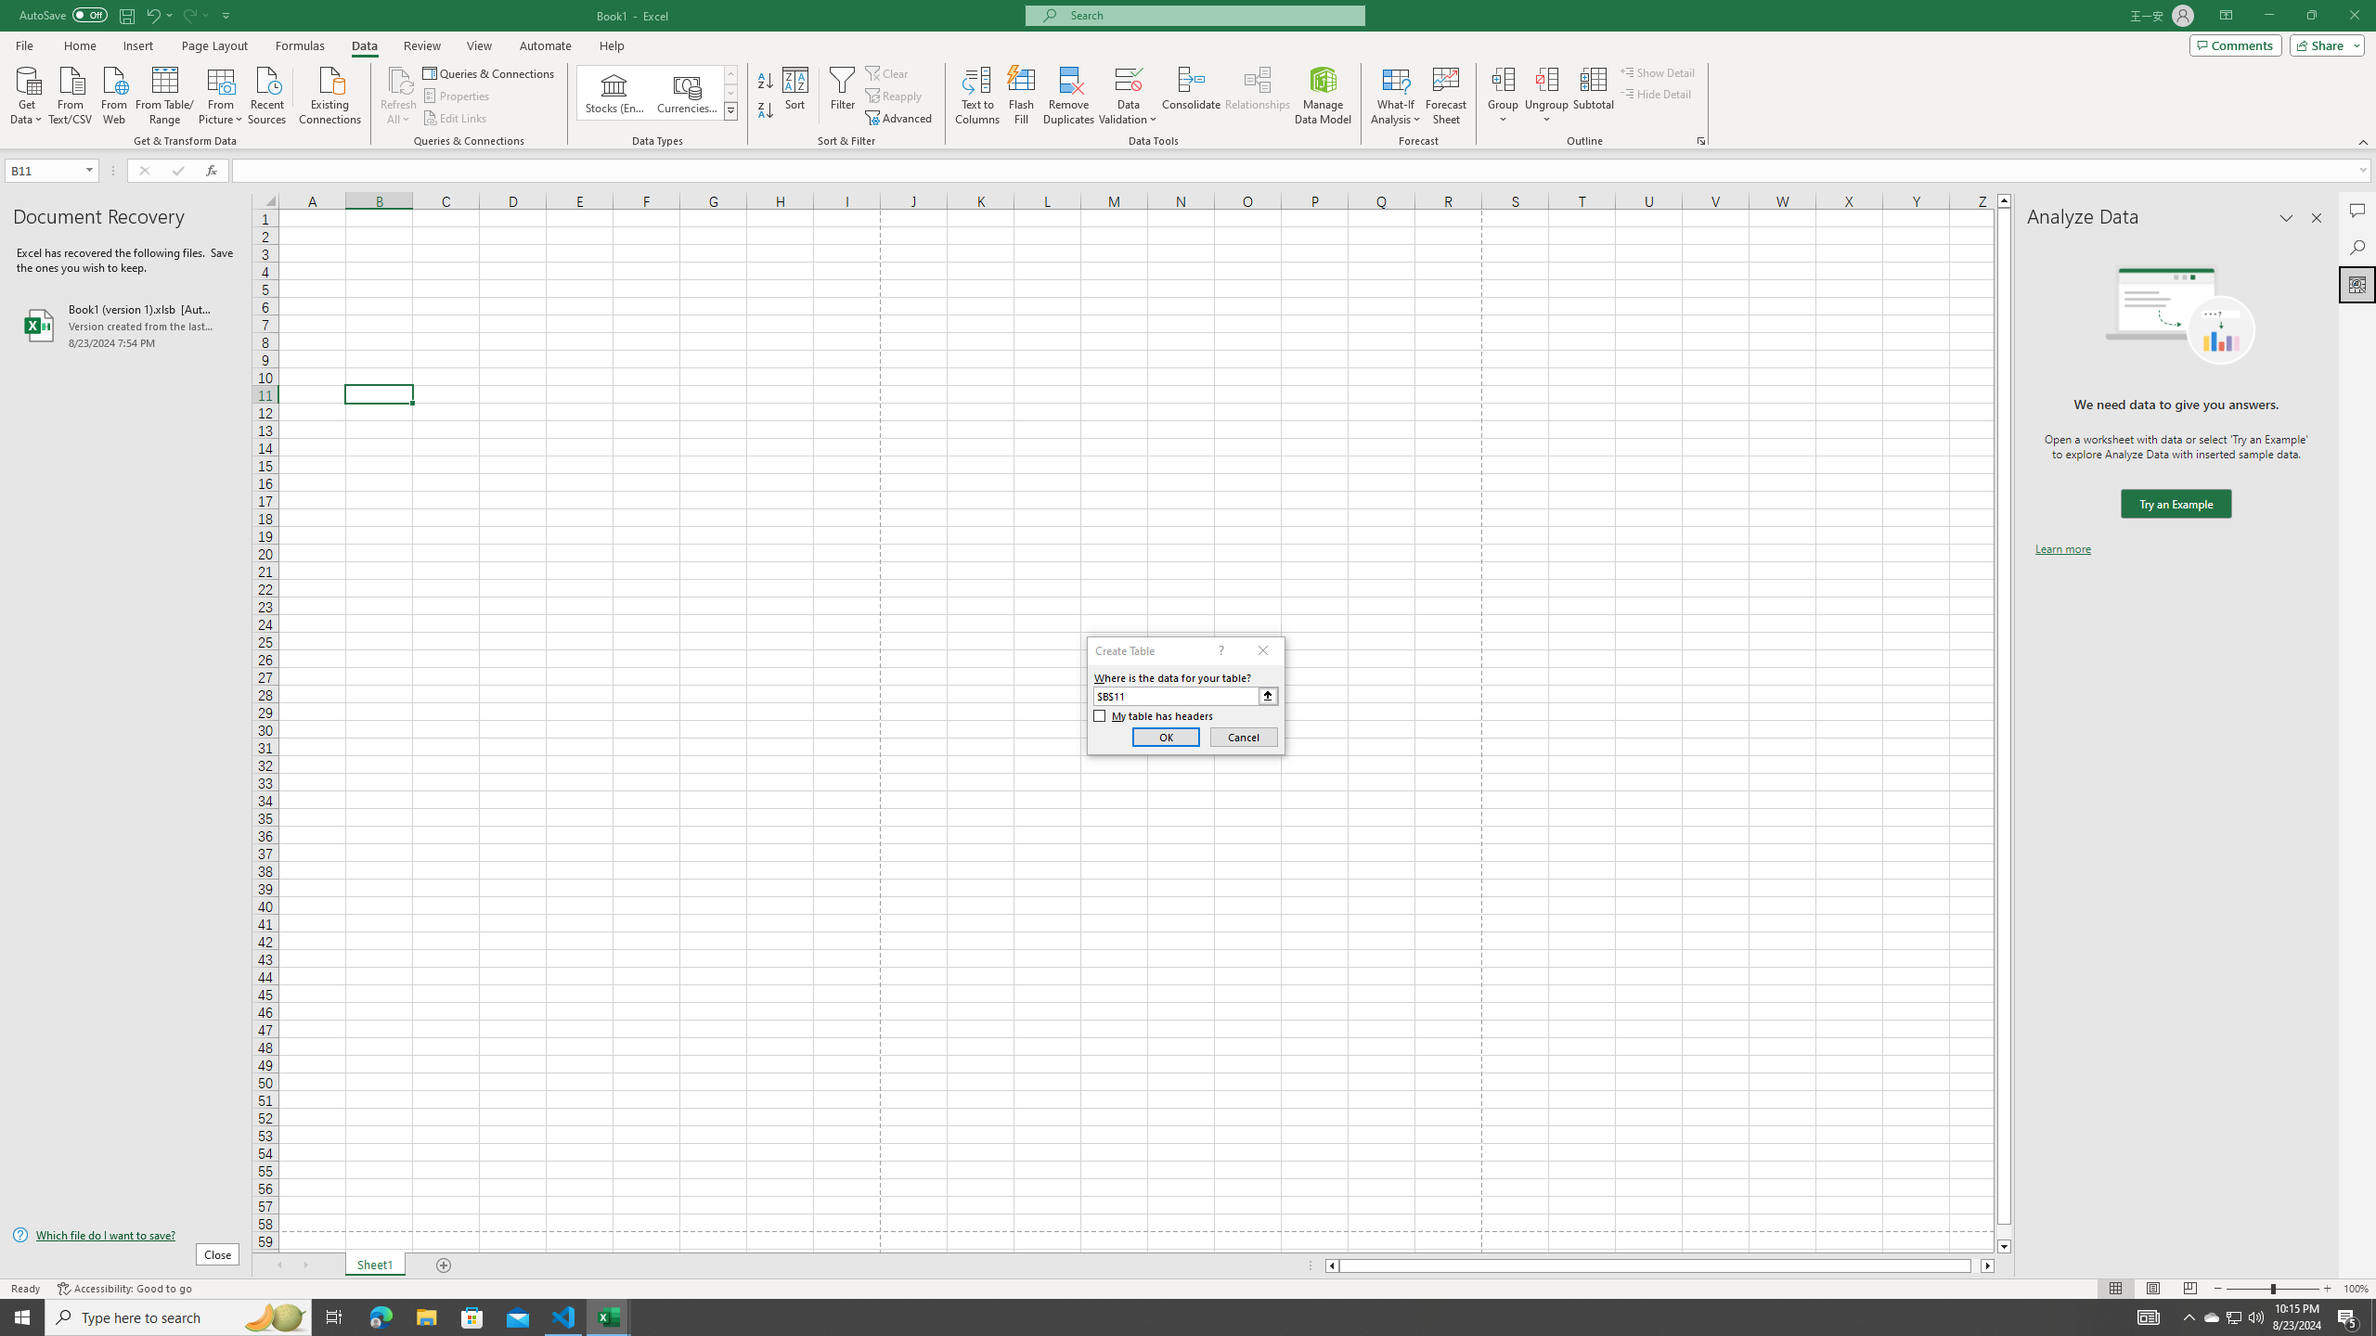 The width and height of the screenshot is (2376, 1336). Describe the element at coordinates (1021, 96) in the screenshot. I see `'Flash Fill'` at that location.